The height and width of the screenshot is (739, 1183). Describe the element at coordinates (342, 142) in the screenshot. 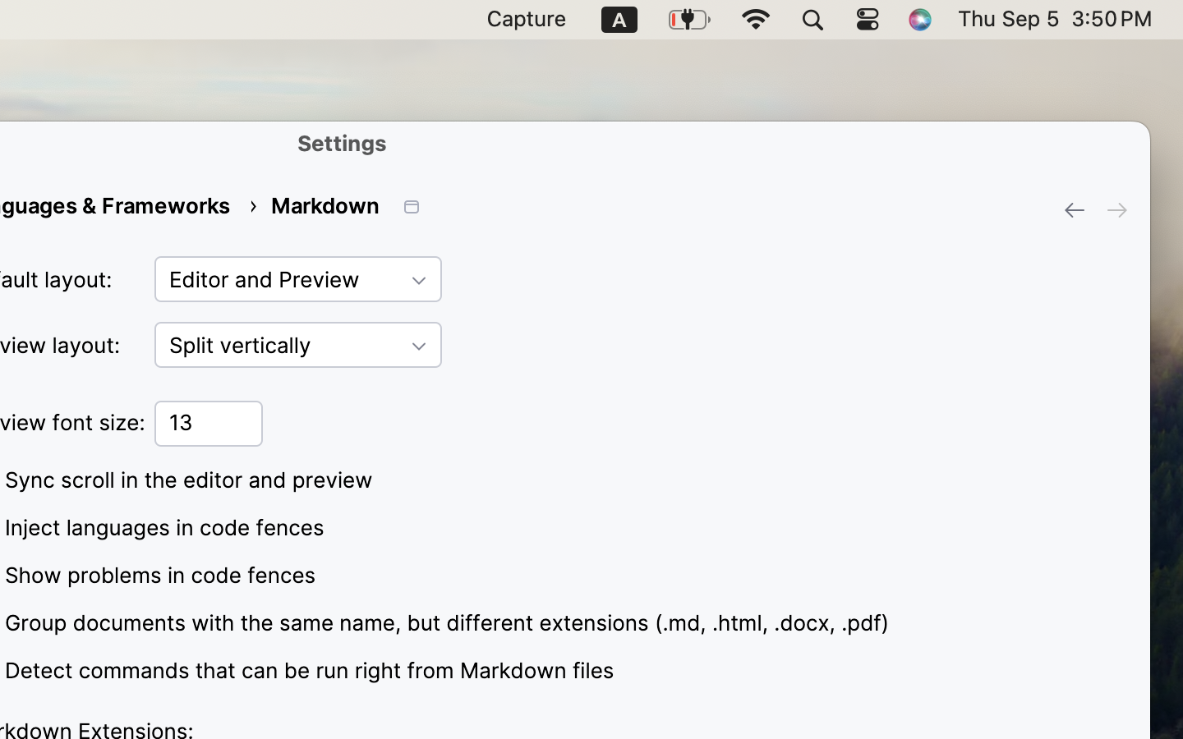

I see `'Settings'` at that location.